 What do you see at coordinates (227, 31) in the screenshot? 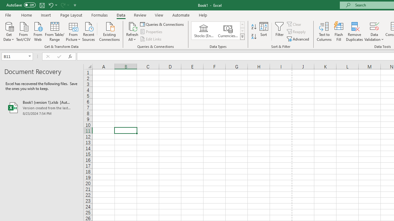
I see `'Currencies (English)'` at bounding box center [227, 31].